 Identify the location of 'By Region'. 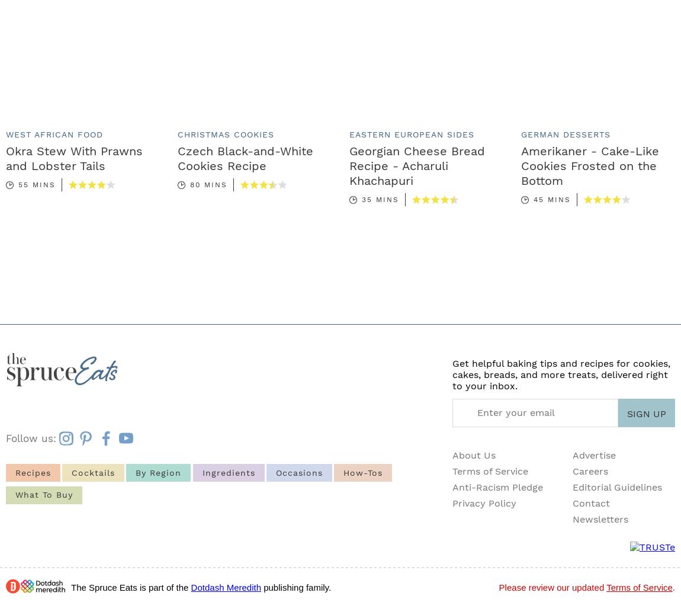
(158, 471).